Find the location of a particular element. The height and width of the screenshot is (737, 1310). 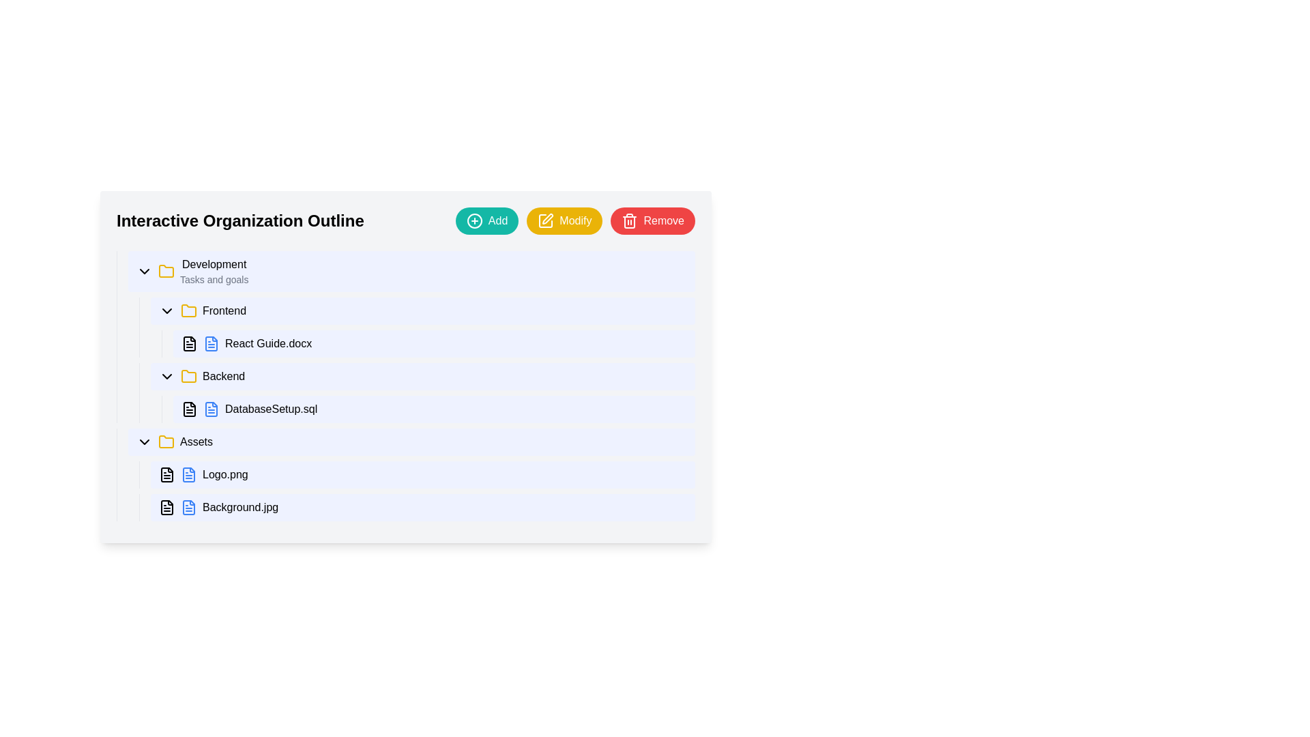

text label that states 'Tasks and goals', which is positioned directly below the 'Development' header in the upper left section of the display is located at coordinates (214, 278).